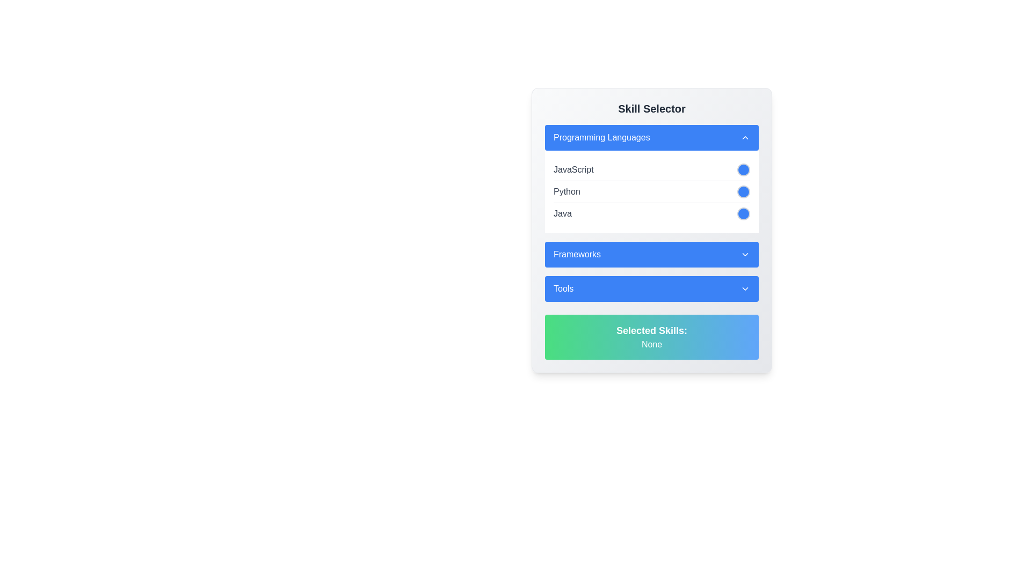  What do you see at coordinates (744, 137) in the screenshot?
I see `the toggle icon located on the rightmost side of the blue button labeled 'Programming Languages'` at bounding box center [744, 137].